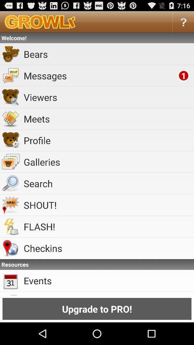 The width and height of the screenshot is (194, 345). Describe the element at coordinates (99, 75) in the screenshot. I see `item below bears item` at that location.